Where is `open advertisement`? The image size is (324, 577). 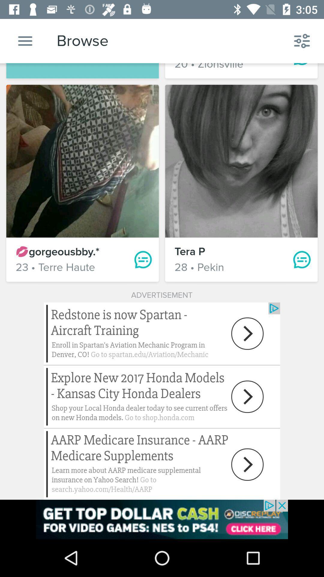
open advertisement is located at coordinates (162, 519).